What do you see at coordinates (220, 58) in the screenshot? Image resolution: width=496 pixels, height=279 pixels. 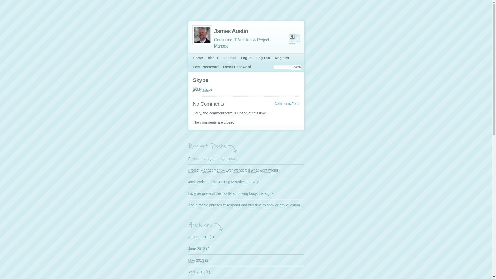 I see `'Contact'` at bounding box center [220, 58].